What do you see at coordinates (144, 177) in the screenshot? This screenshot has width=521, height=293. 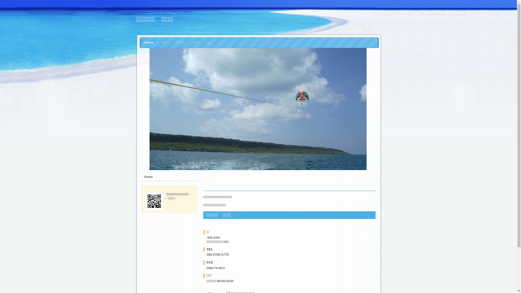 I see `'Home'` at bounding box center [144, 177].